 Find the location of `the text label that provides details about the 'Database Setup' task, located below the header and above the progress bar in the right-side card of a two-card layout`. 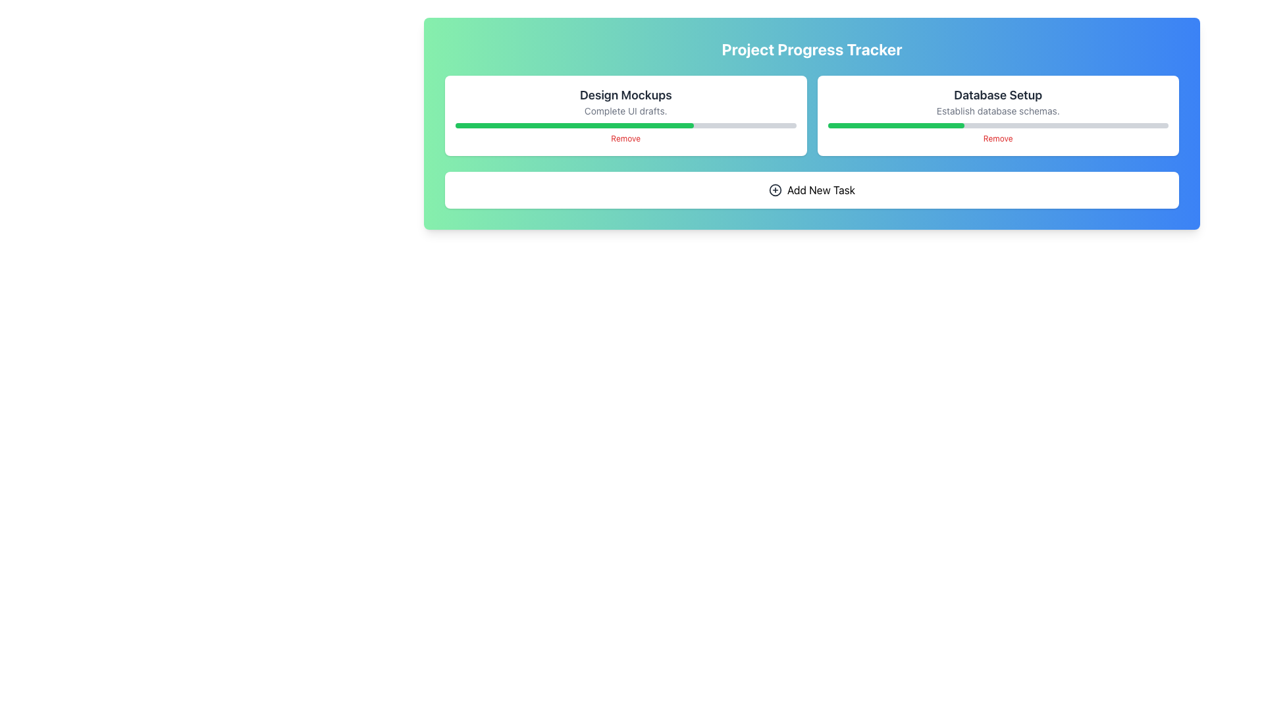

the text label that provides details about the 'Database Setup' task, located below the header and above the progress bar in the right-side card of a two-card layout is located at coordinates (998, 111).